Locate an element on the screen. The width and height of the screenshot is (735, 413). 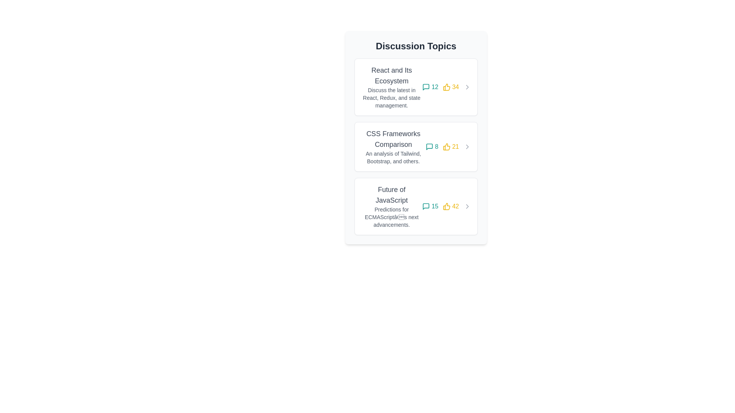
text in the Text Block titled 'CSS Frameworks Comparison', which contains an analysis of Tailwind, Bootstrap, and others is located at coordinates (393, 147).